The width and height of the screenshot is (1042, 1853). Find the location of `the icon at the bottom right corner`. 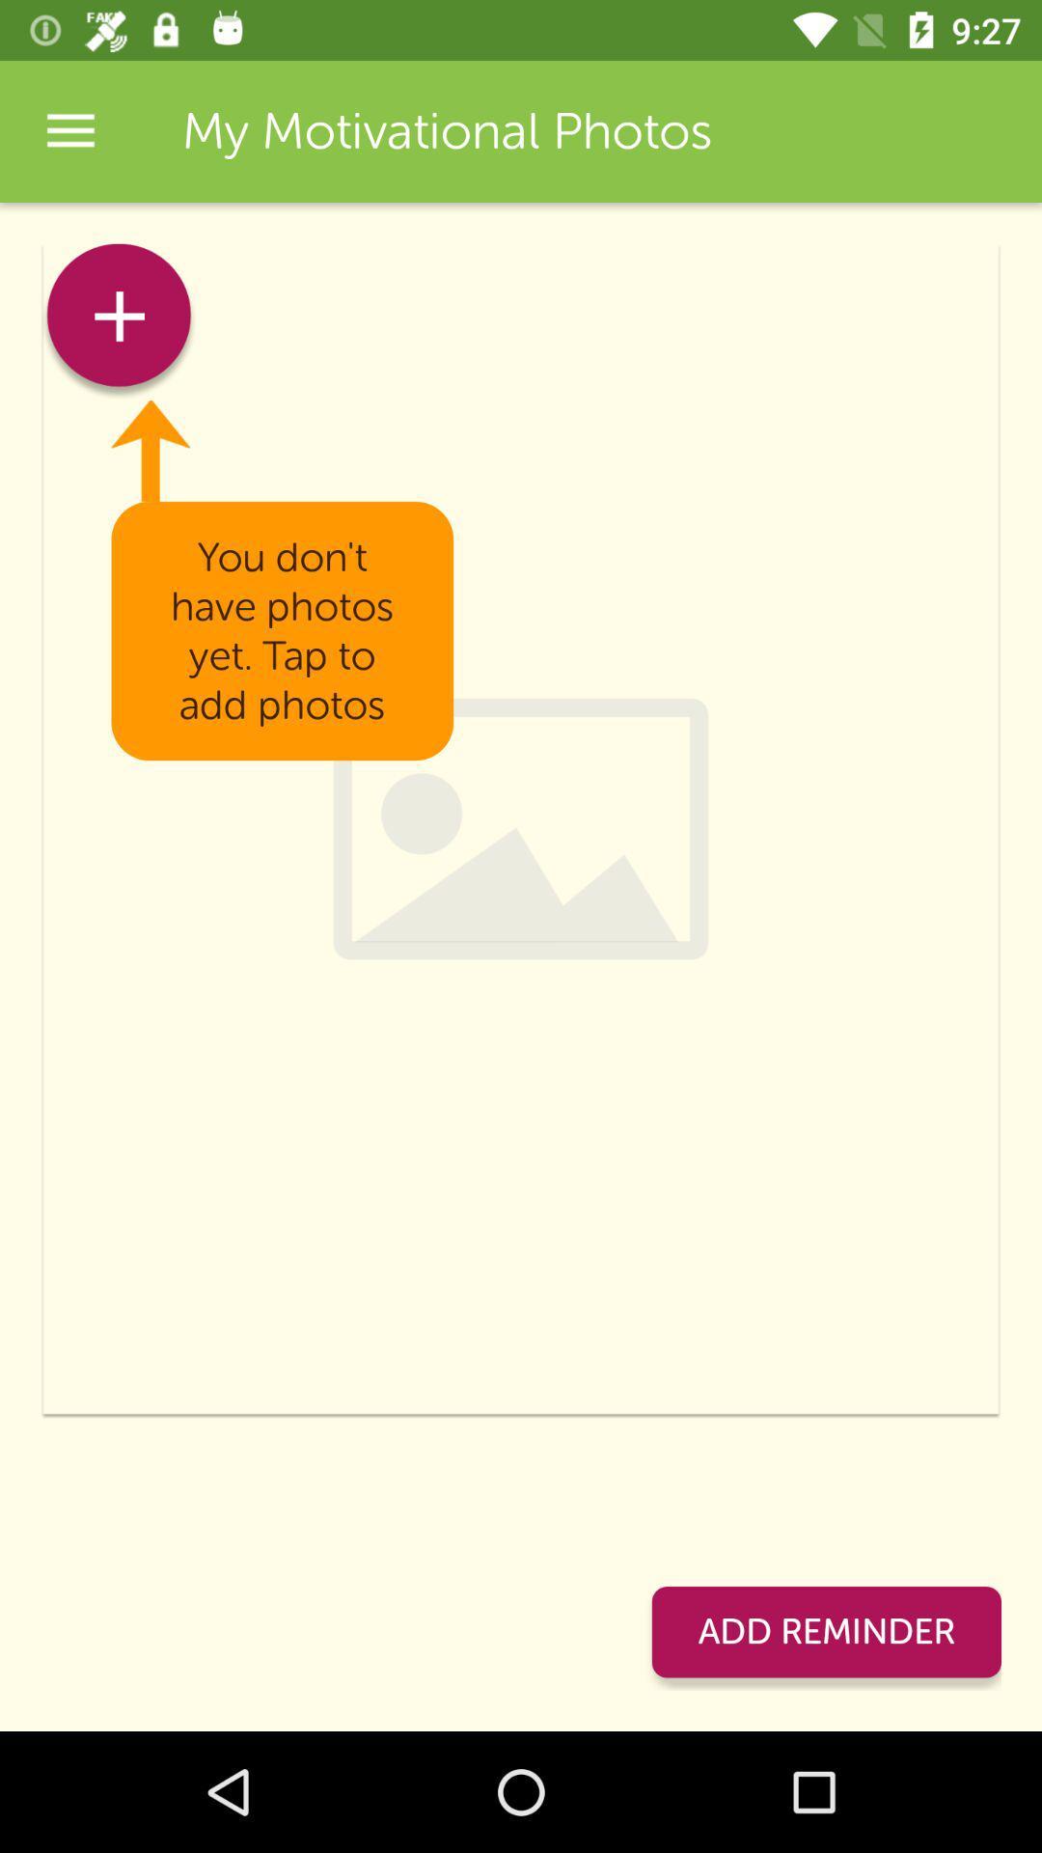

the icon at the bottom right corner is located at coordinates (825, 1631).